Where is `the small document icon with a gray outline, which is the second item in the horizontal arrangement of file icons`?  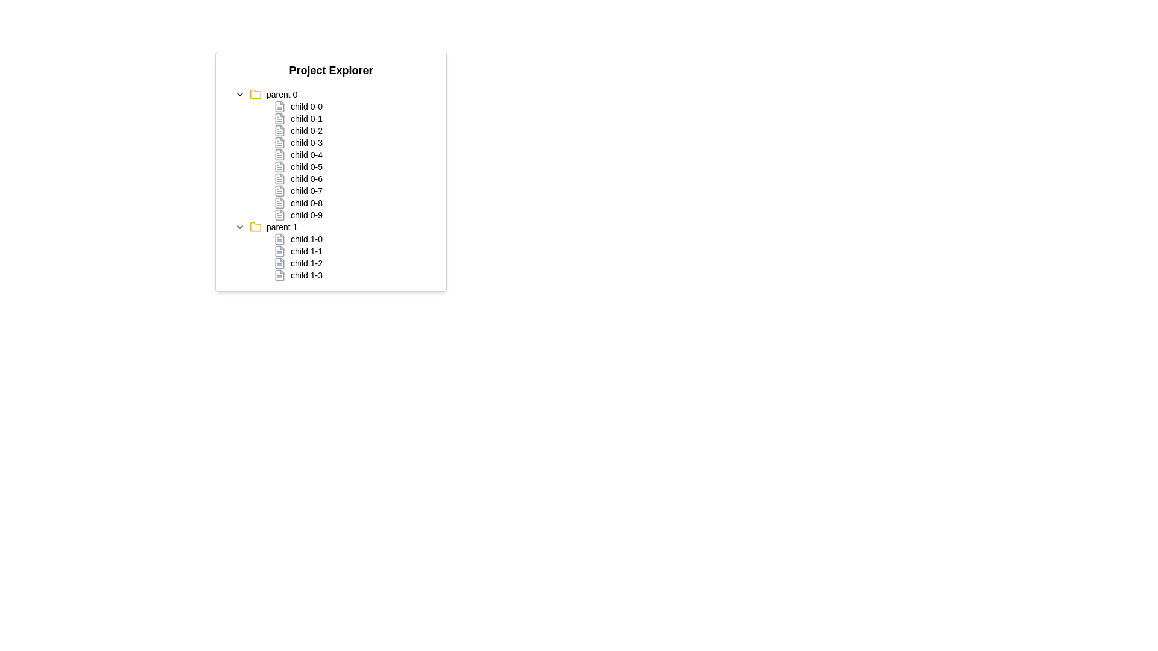
the small document icon with a gray outline, which is the second item in the horizontal arrangement of file icons is located at coordinates (279, 262).